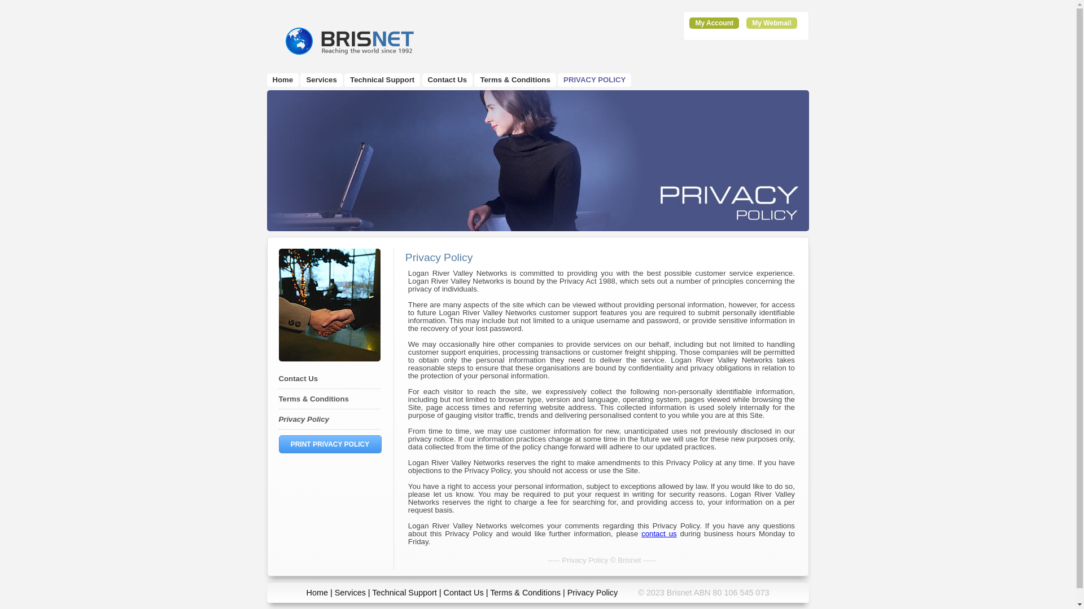 The height and width of the screenshot is (609, 1084). I want to click on 'Privacy Policy', so click(304, 419).